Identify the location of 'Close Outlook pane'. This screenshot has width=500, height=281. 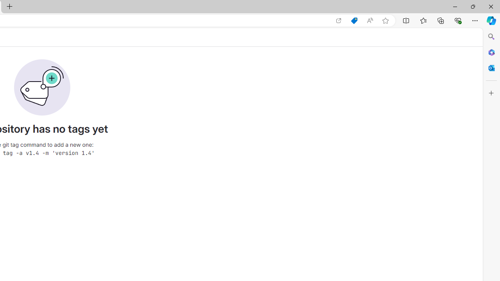
(491, 68).